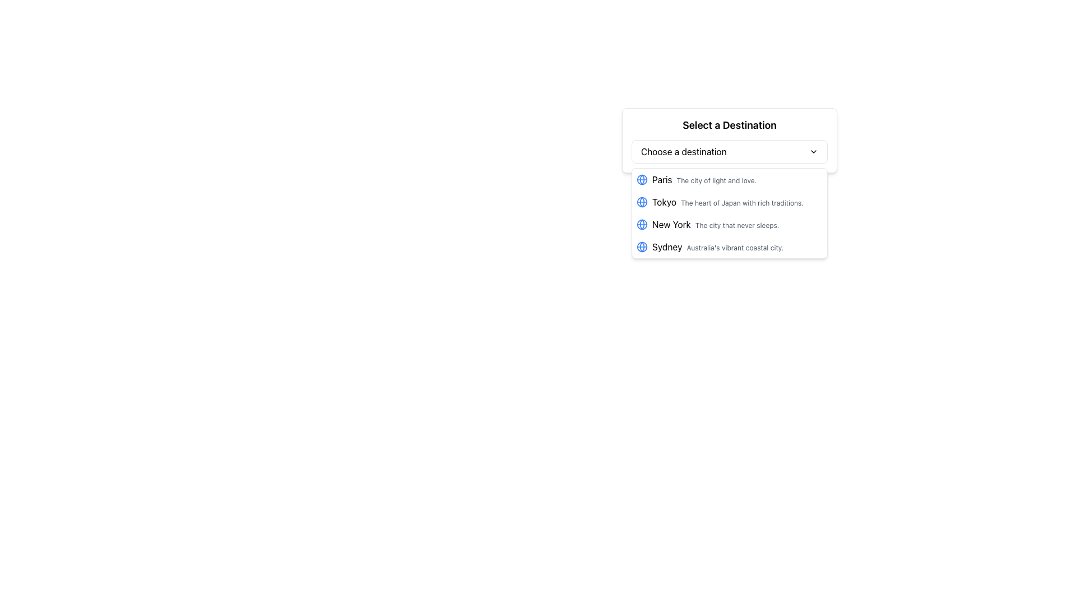 The image size is (1076, 605). I want to click on the circular globe icon representing the 'Tokyo' option in the dropdown menu to enhance usability and provide a visual aid, so click(642, 202).